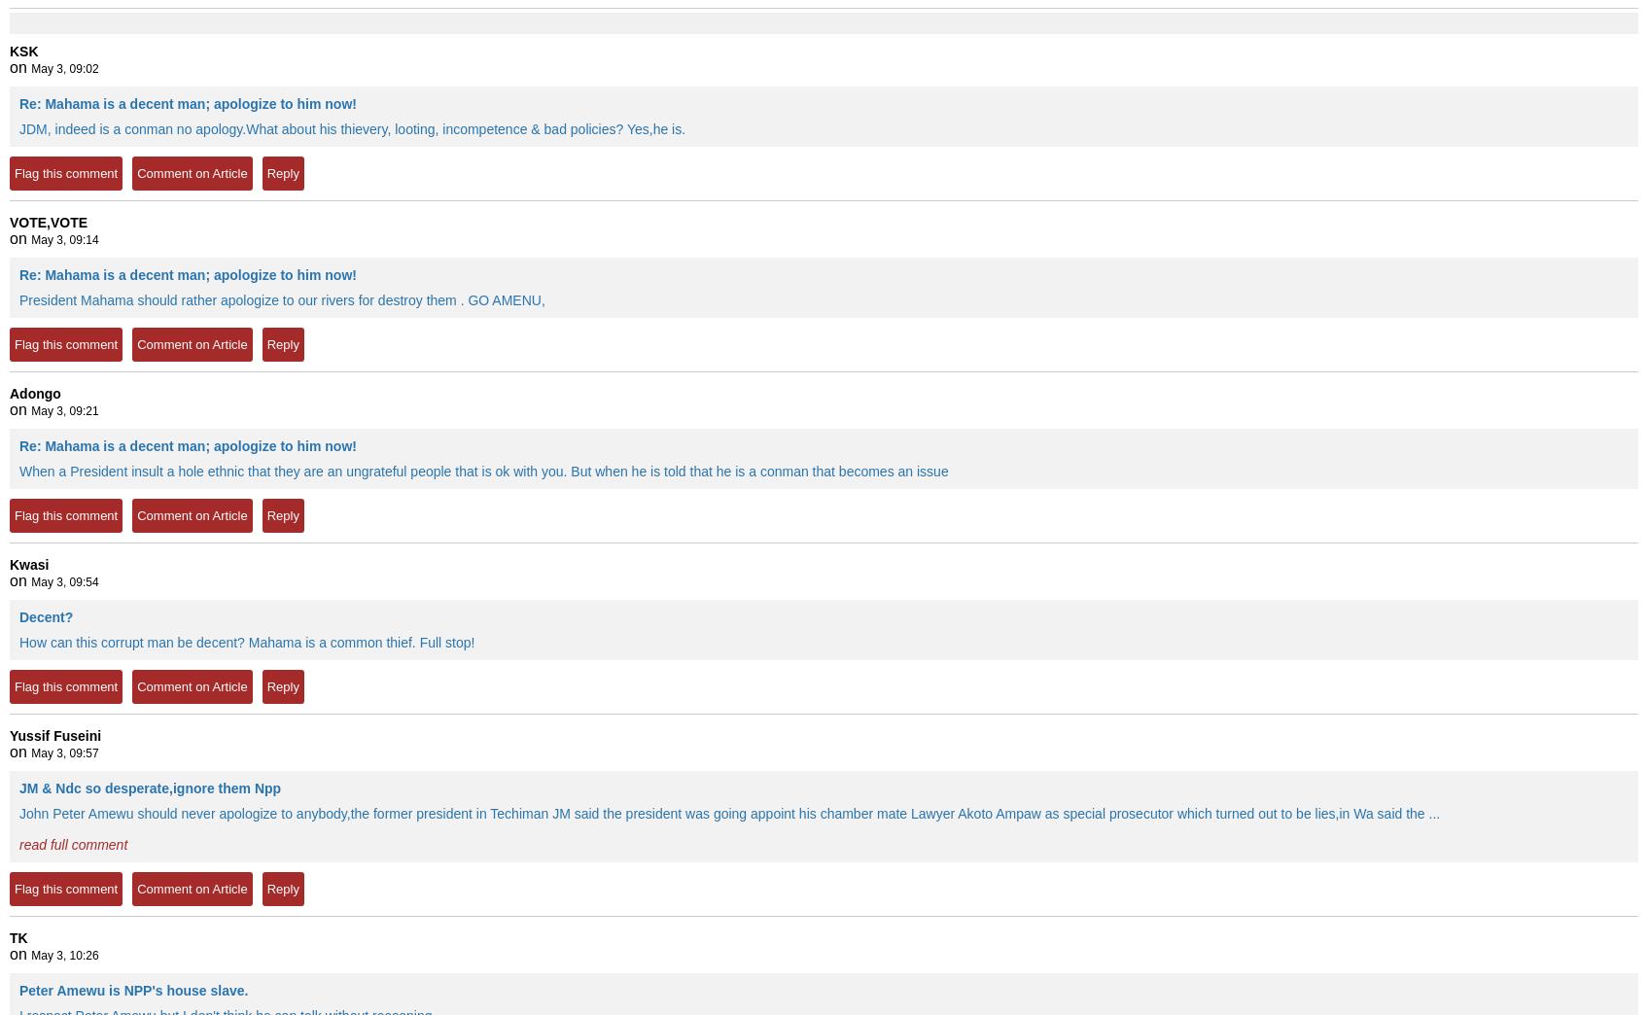 The image size is (1648, 1015). I want to click on 'May  3, 09:14', so click(31, 240).